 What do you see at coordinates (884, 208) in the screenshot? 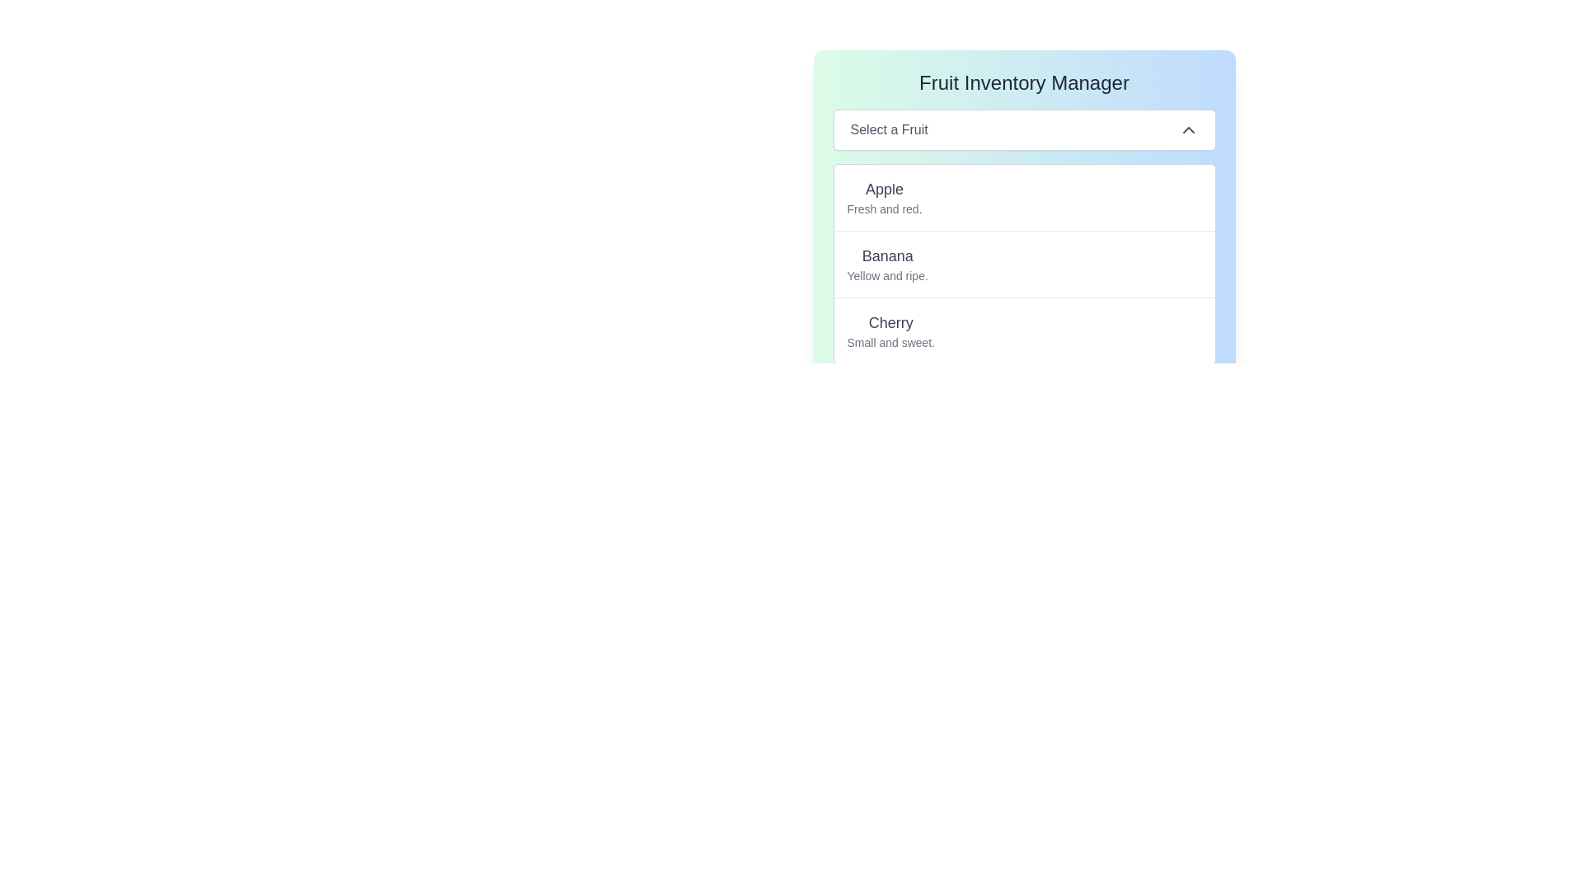
I see `the Text label describing the item 'Apple', which is located directly below the text 'Apple' in the interface` at bounding box center [884, 208].